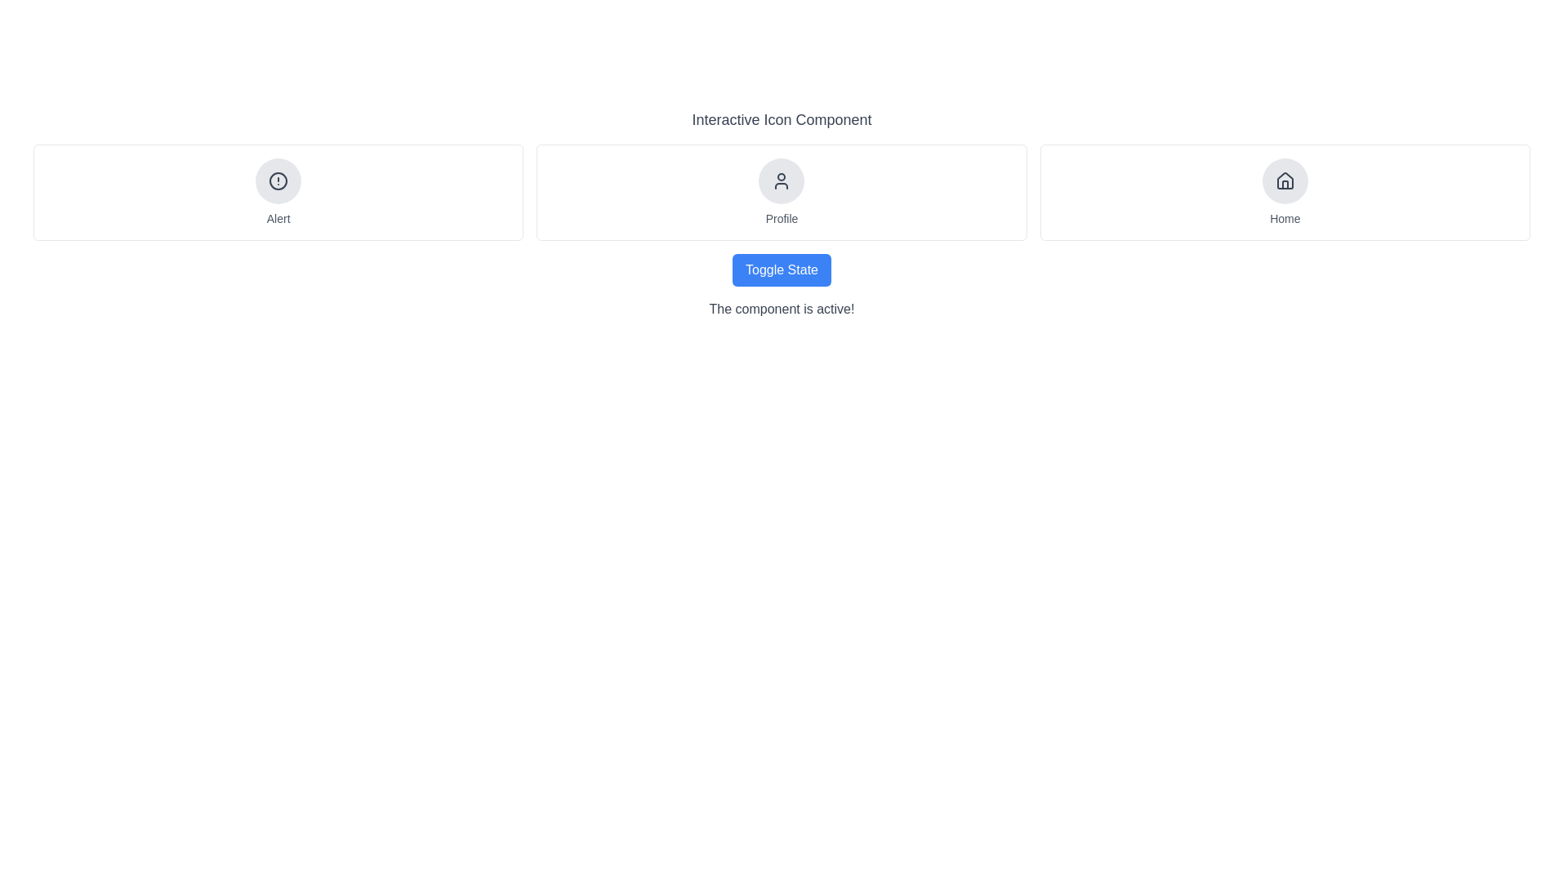 The height and width of the screenshot is (882, 1568). Describe the element at coordinates (1284, 181) in the screenshot. I see `the circular gray Icon button with a dark gray house icon located at the bottom-right corner of the 'Home' section` at that location.